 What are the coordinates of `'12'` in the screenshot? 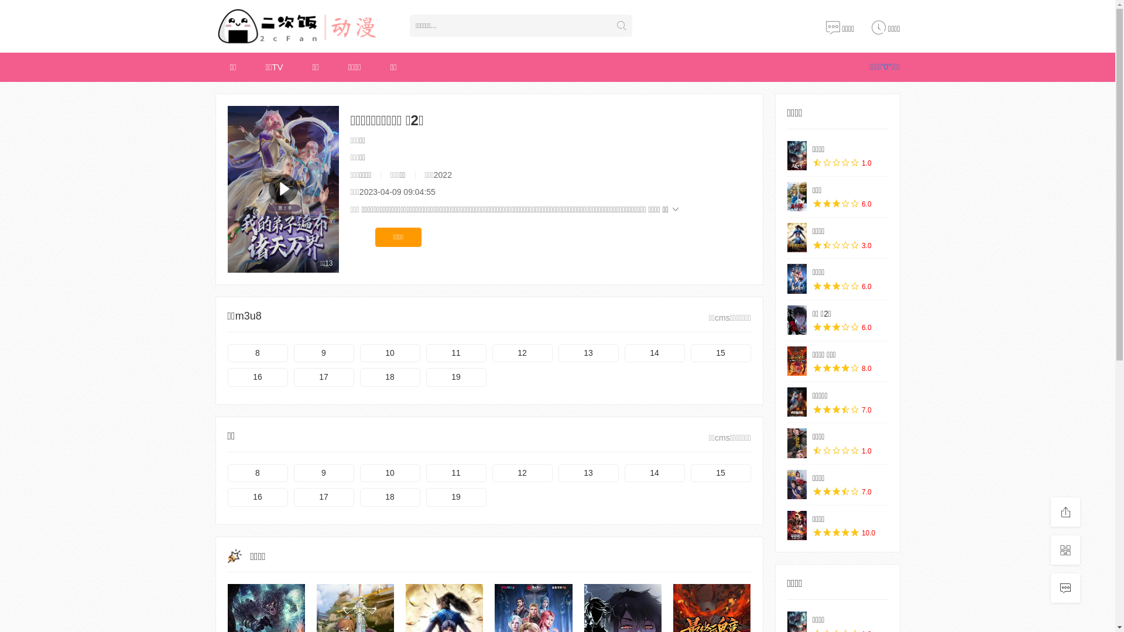 It's located at (521, 353).